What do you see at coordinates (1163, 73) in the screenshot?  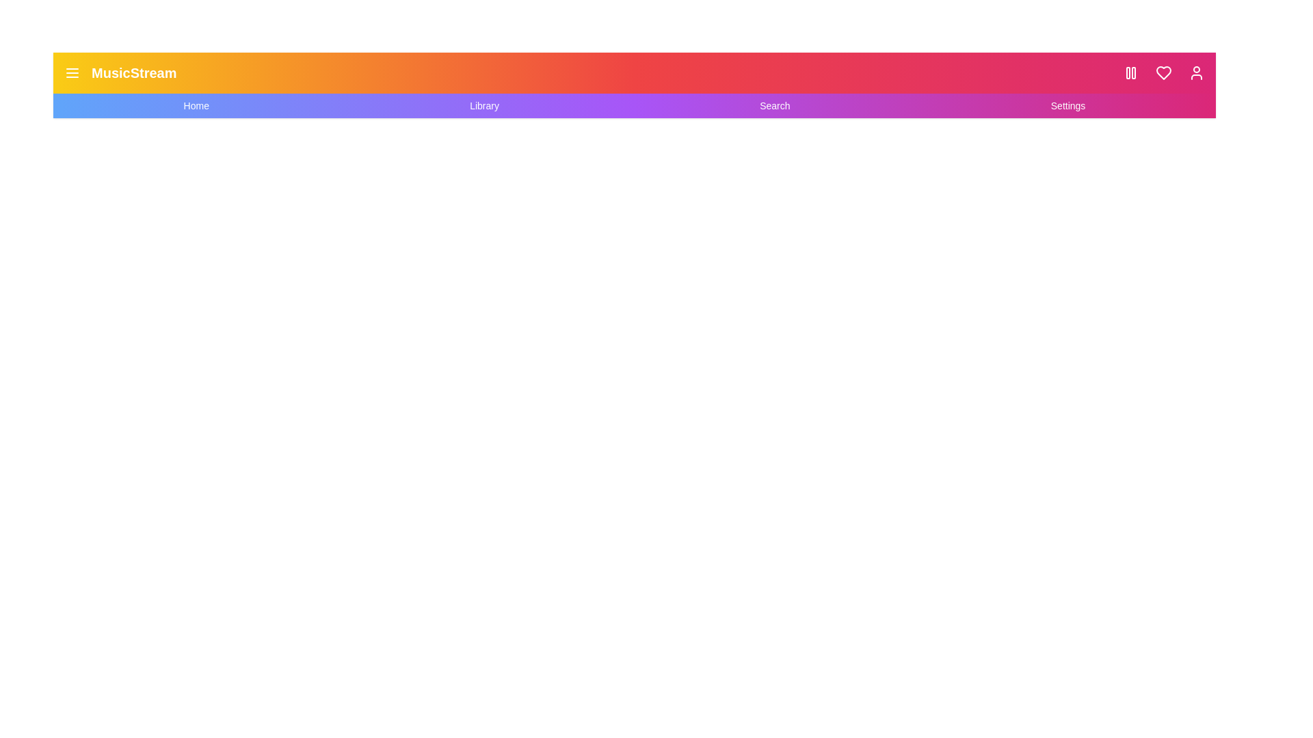 I see `the 'Heart' icon to mark or unmark an item as favorite` at bounding box center [1163, 73].